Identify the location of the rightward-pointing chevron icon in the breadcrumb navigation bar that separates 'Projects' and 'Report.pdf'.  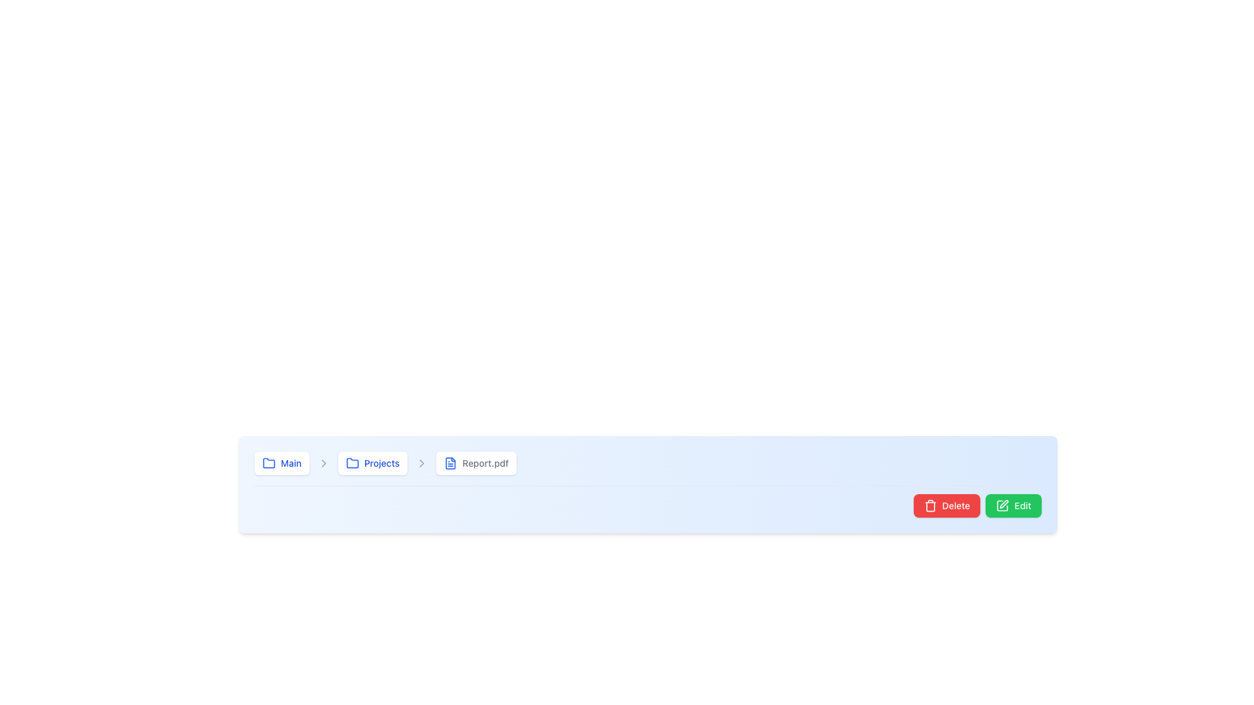
(323, 462).